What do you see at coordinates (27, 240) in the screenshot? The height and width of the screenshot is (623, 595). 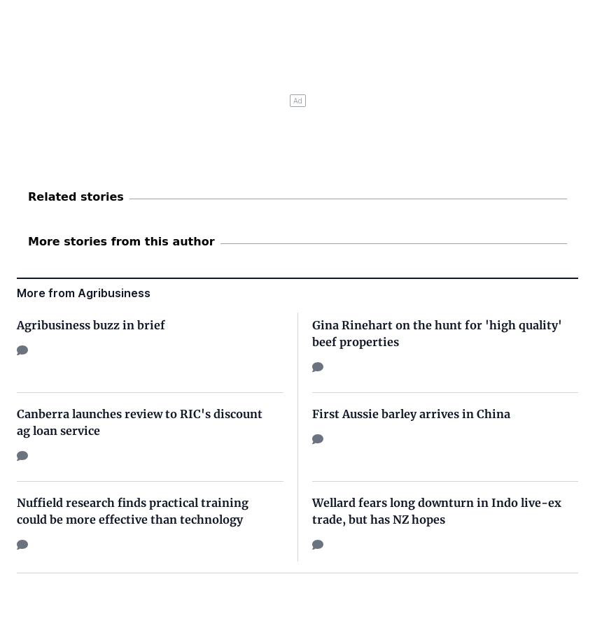 I see `'More stories from this author'` at bounding box center [27, 240].